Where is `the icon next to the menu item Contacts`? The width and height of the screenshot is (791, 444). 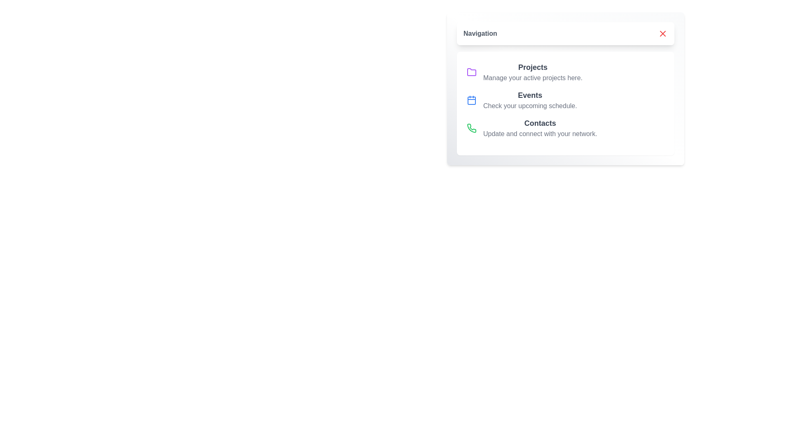 the icon next to the menu item Contacts is located at coordinates (472, 128).